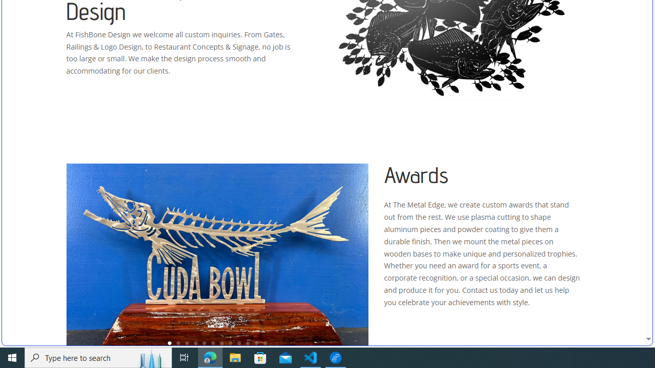 This screenshot has width=655, height=368. I want to click on '5', so click(204, 343).